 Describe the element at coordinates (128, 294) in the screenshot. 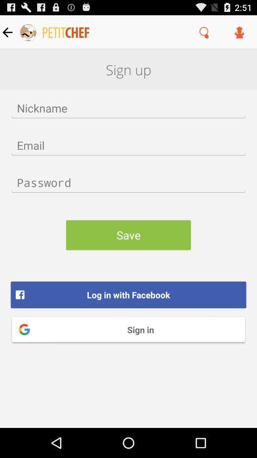

I see `the button below save icon` at that location.